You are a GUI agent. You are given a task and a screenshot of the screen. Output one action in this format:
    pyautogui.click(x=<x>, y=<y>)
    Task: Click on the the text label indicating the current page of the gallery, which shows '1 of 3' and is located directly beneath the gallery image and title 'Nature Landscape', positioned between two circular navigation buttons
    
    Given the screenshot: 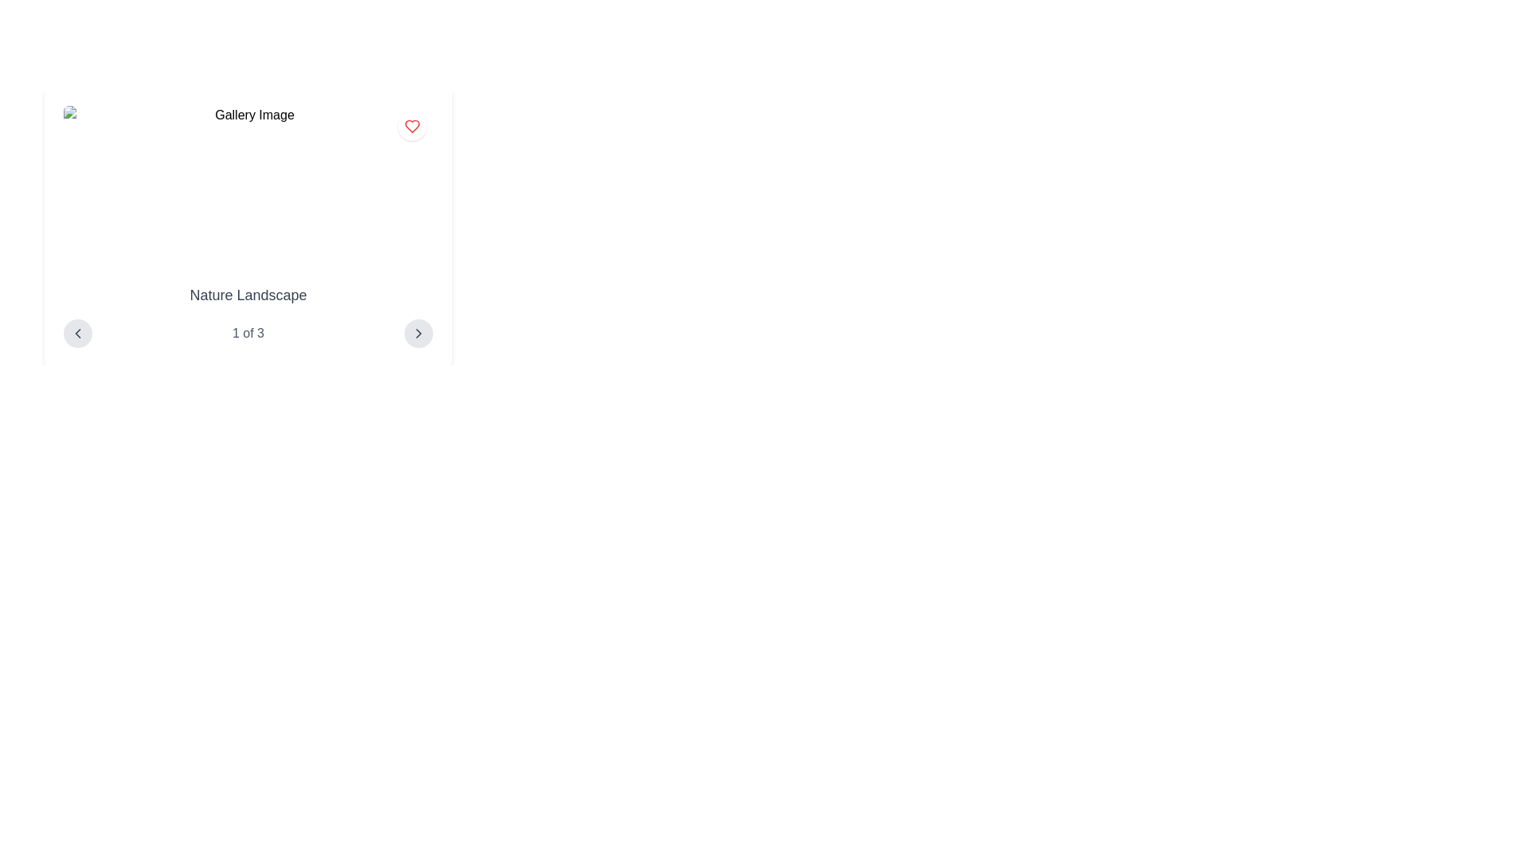 What is the action you would take?
    pyautogui.click(x=248, y=333)
    